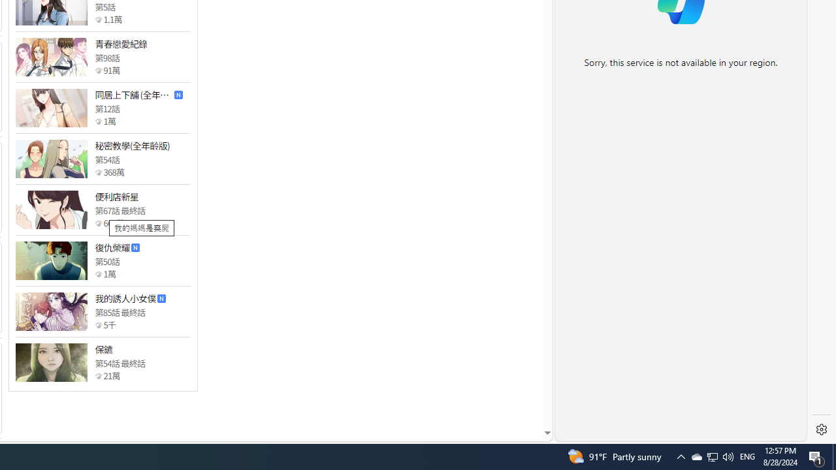  Describe the element at coordinates (821, 430) in the screenshot. I see `'Settings'` at that location.